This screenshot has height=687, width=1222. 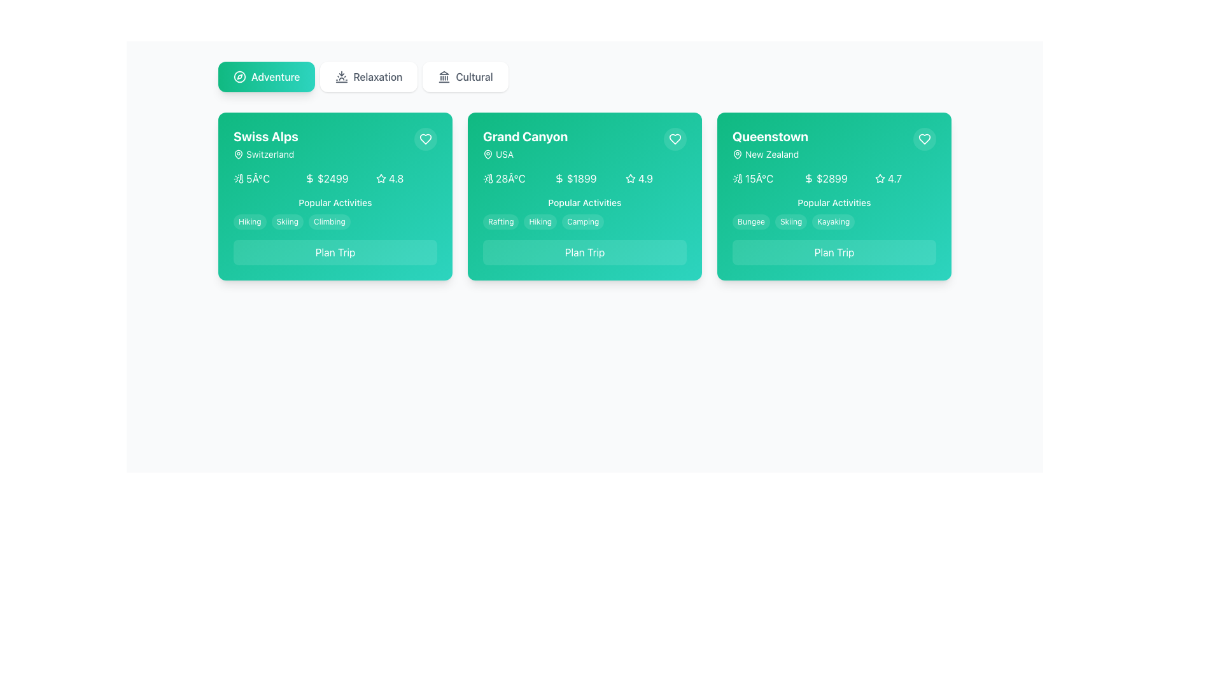 What do you see at coordinates (525, 144) in the screenshot?
I see `the 'Grand Canyon' label which displays the name in bold with 'USA' underneath, located in the top section of the center card` at bounding box center [525, 144].